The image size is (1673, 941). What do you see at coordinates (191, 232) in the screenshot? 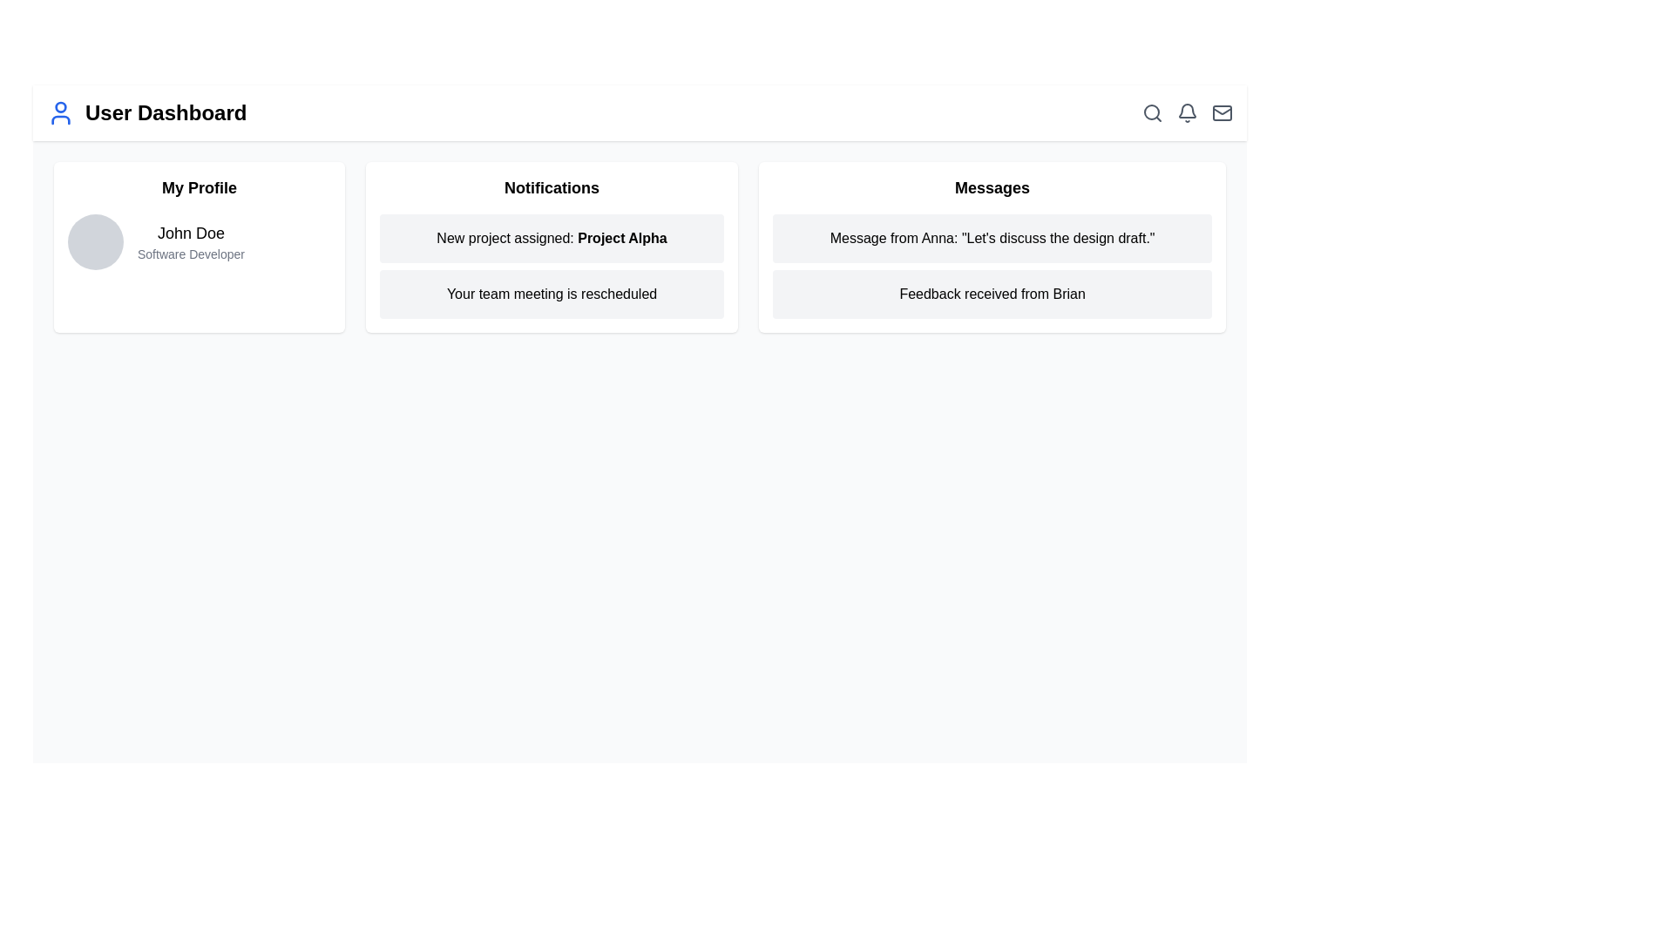
I see `the username or profile title displayed in the Text Label at the top-left section of the 'My Profile' card` at bounding box center [191, 232].